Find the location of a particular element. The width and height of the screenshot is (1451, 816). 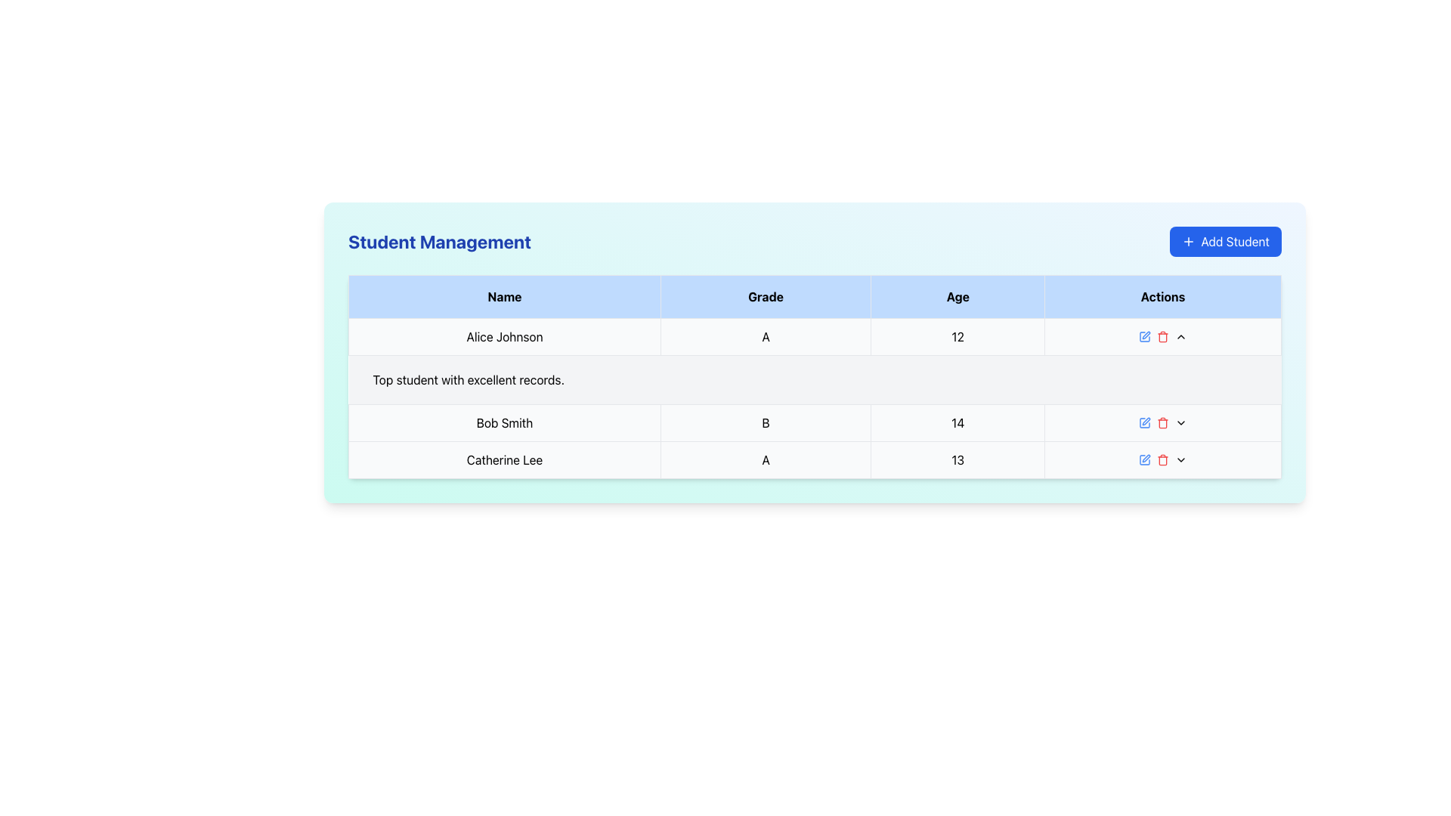

the text label indicating student management tasks, located at the top-left portion of the interface is located at coordinates (438, 241).